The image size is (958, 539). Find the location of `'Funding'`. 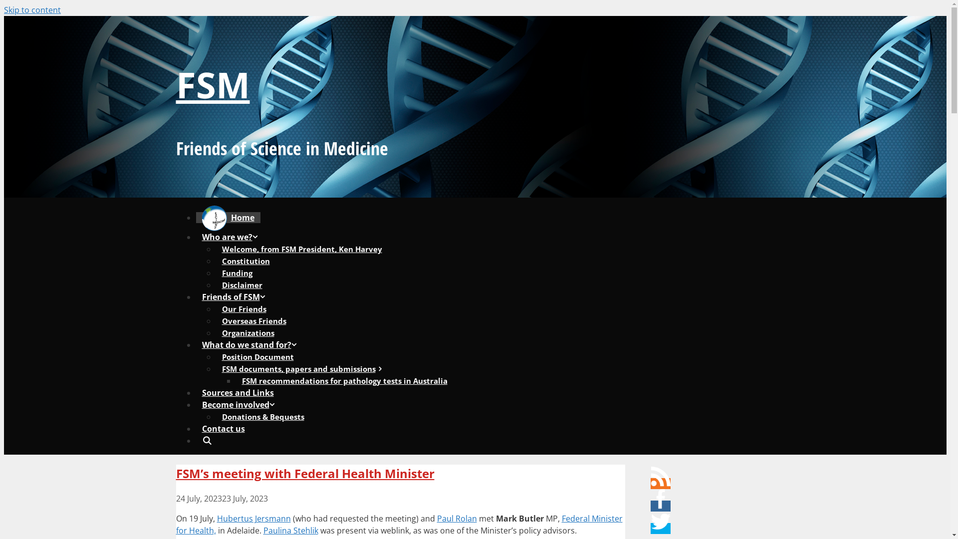

'Funding' is located at coordinates (236, 273).